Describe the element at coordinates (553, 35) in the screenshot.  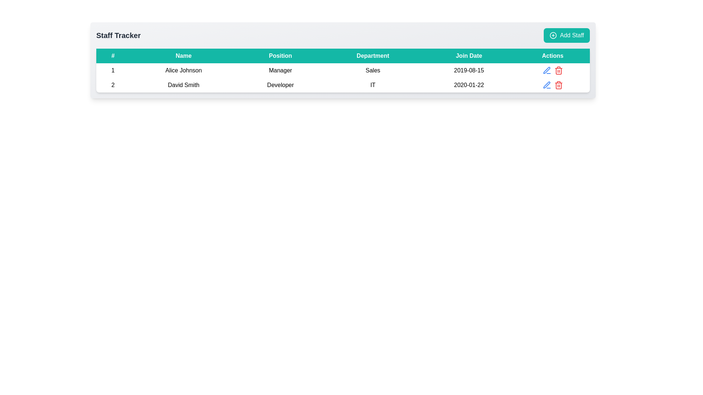
I see `the circular icon that signifies the addition of a new staff member, located inside the 'Add Staff' button, to the left of the button's text label` at that location.